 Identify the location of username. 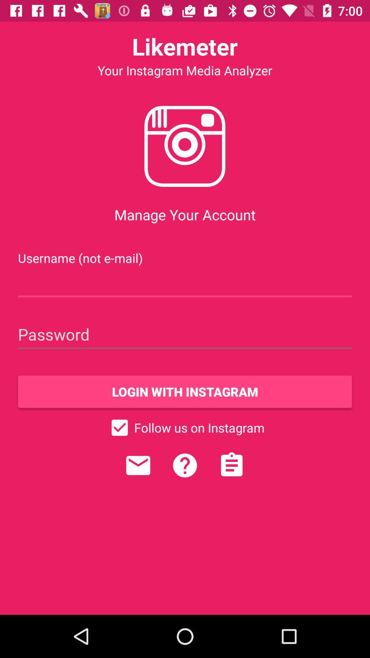
(185, 283).